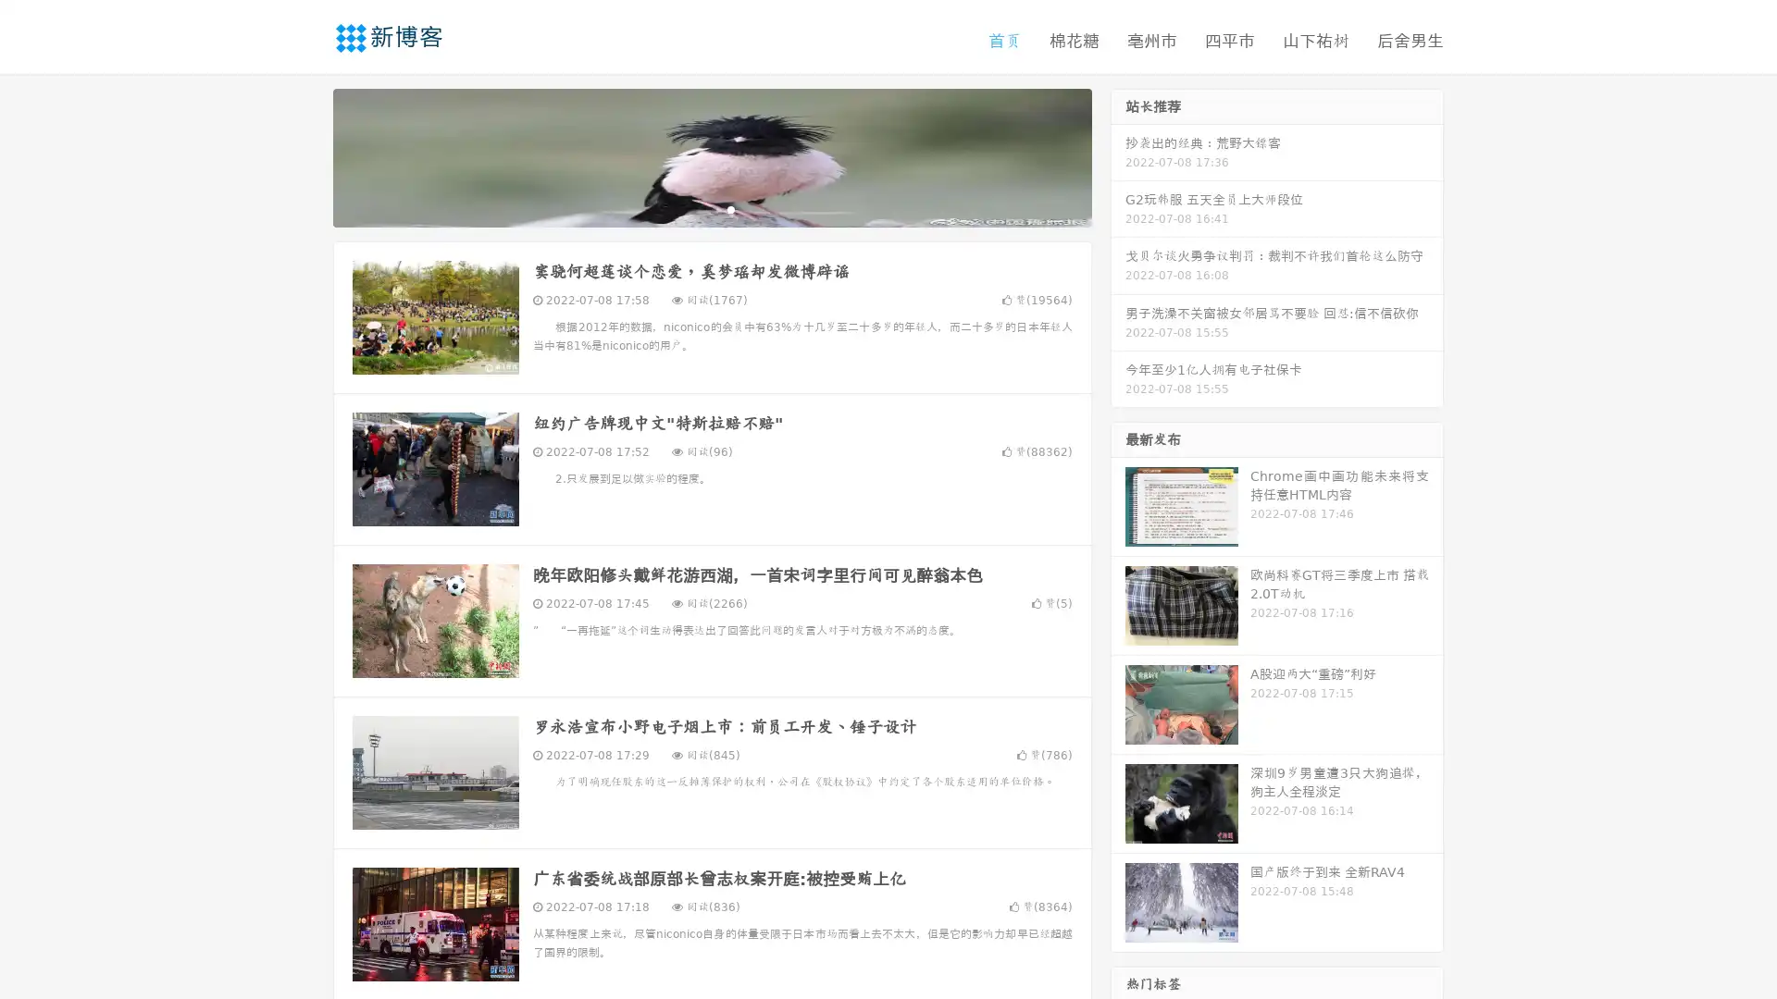  Describe the element at coordinates (305, 155) in the screenshot. I see `Previous slide` at that location.